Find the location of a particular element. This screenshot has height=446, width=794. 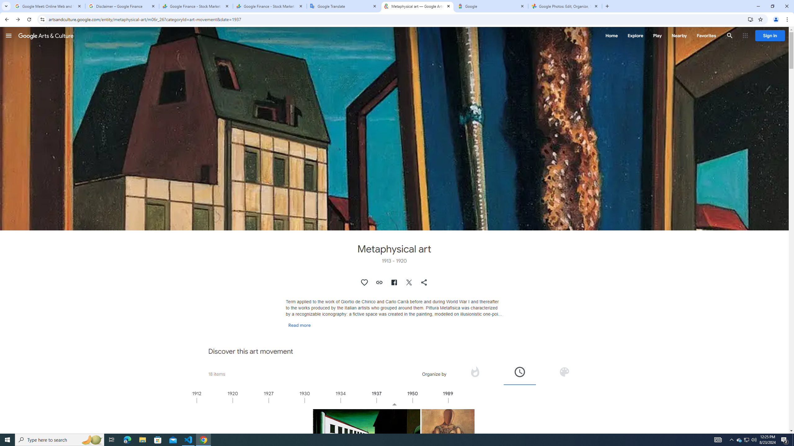

'Favorites' is located at coordinates (706, 35).